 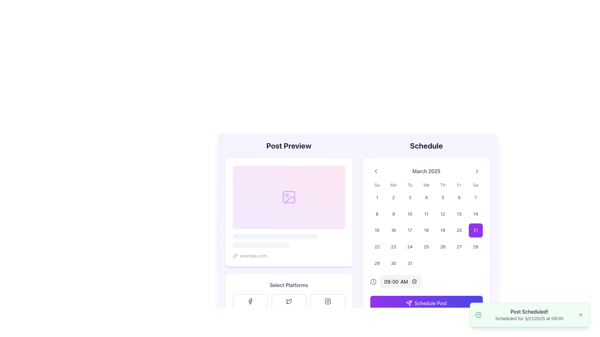 I want to click on the confirmation icon located in the upper-left corner of the green notification box that indicates a successful operation for the message 'Post Scheduled!' and 'Scheduled for 3/21/2025 at 09:00', so click(x=478, y=315).